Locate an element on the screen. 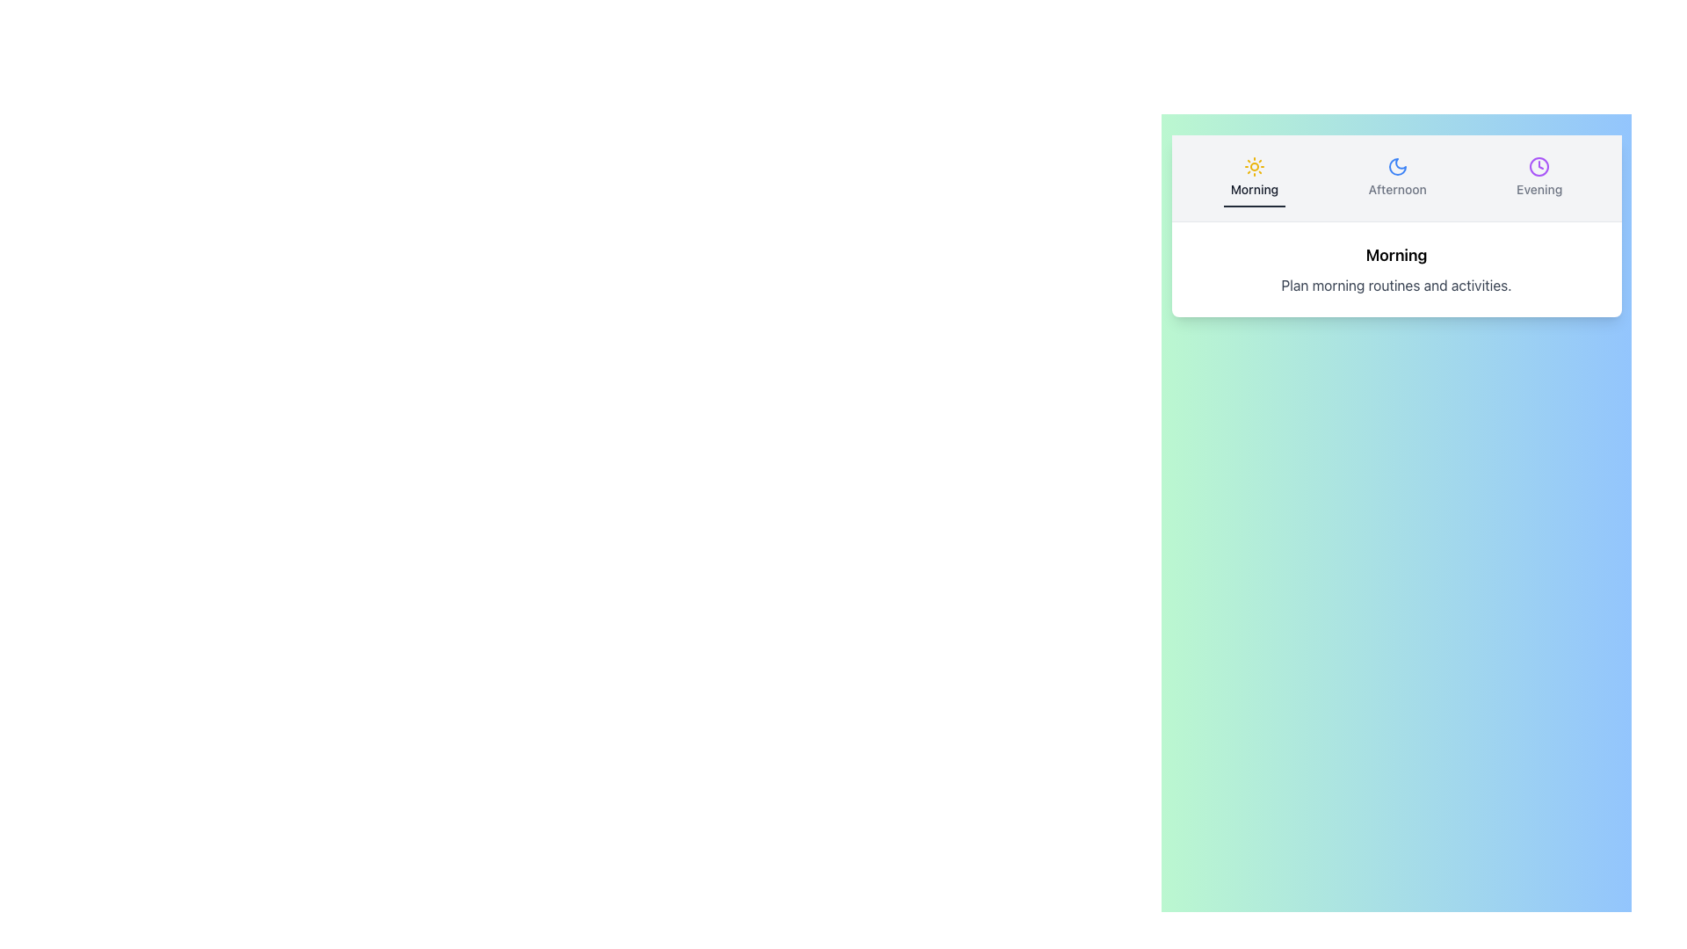 This screenshot has height=949, width=1687. the bright yellow sun icon located above the 'Morning' label is located at coordinates (1253, 166).